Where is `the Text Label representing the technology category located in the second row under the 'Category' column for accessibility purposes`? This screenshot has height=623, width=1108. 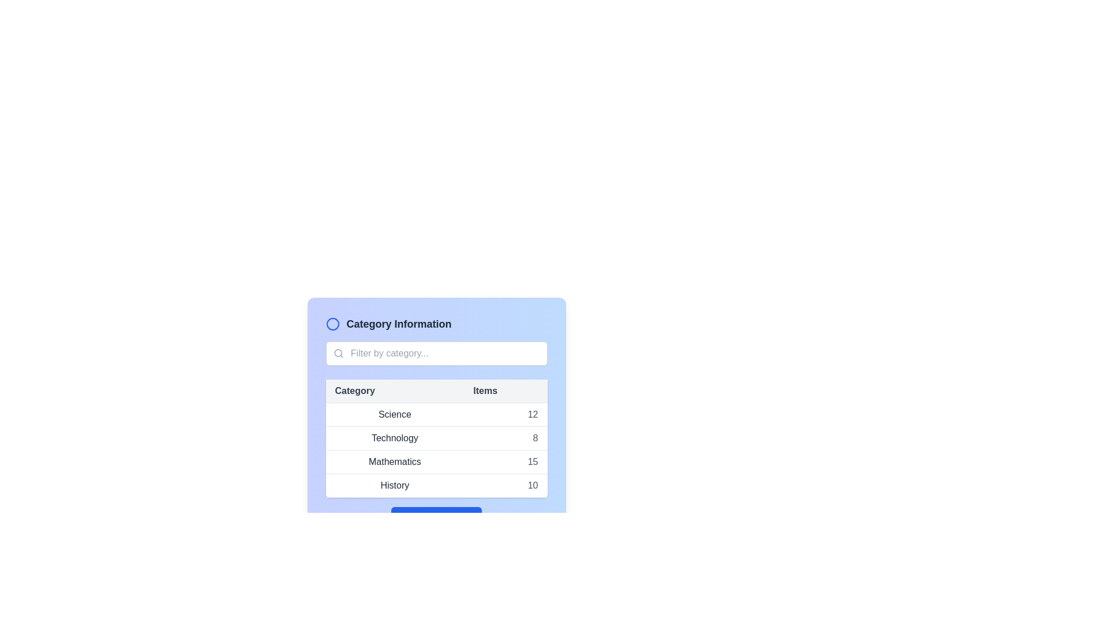
the Text Label representing the technology category located in the second row under the 'Category' column for accessibility purposes is located at coordinates (395, 438).